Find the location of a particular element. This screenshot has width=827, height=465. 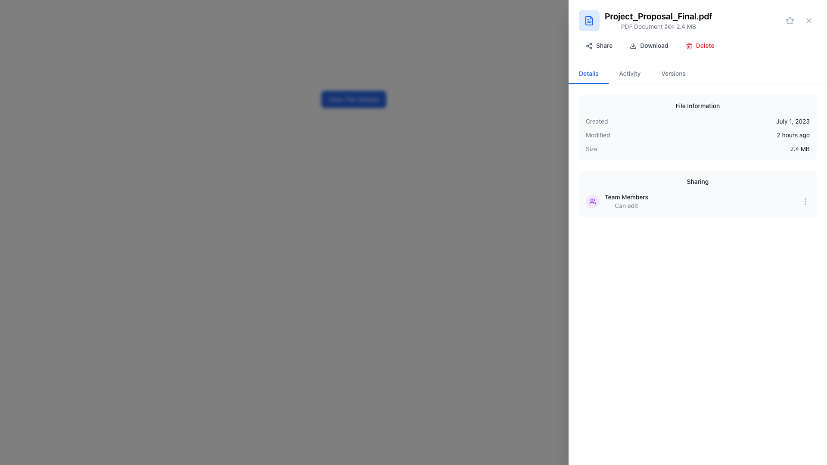

the 'File Information' panel located in the right panel of the interface, which displays metadata about a file, including creation date, last modification time, and size is located at coordinates (698, 127).